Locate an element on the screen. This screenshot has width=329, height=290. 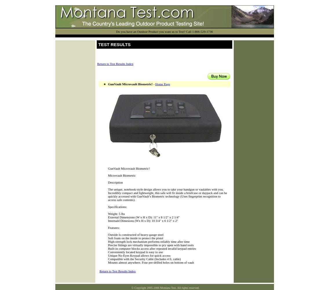
'Description' is located at coordinates (115, 182).